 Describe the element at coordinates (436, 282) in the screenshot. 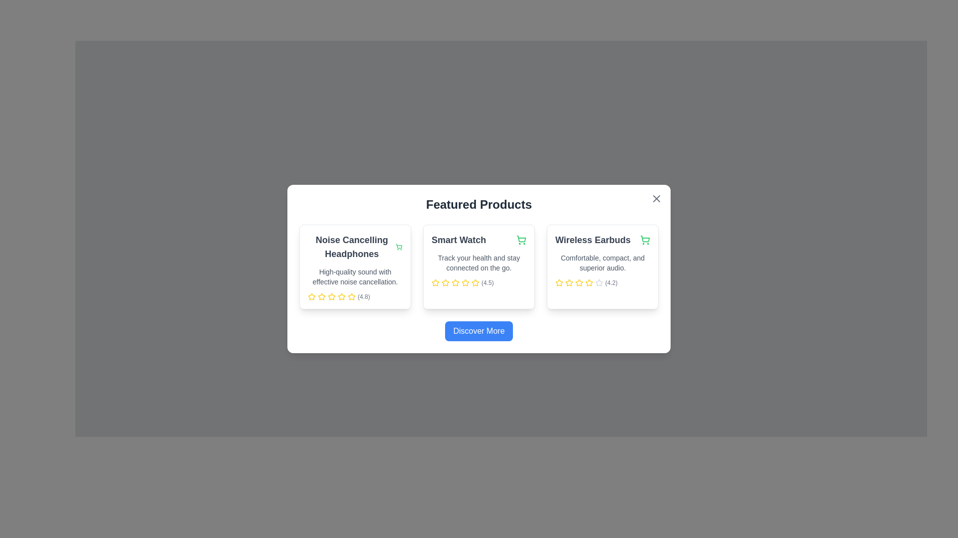

I see `the second yellow star-shaped Rating Star Icon in the rating section of the middle 'Smart Watch' product card` at that location.